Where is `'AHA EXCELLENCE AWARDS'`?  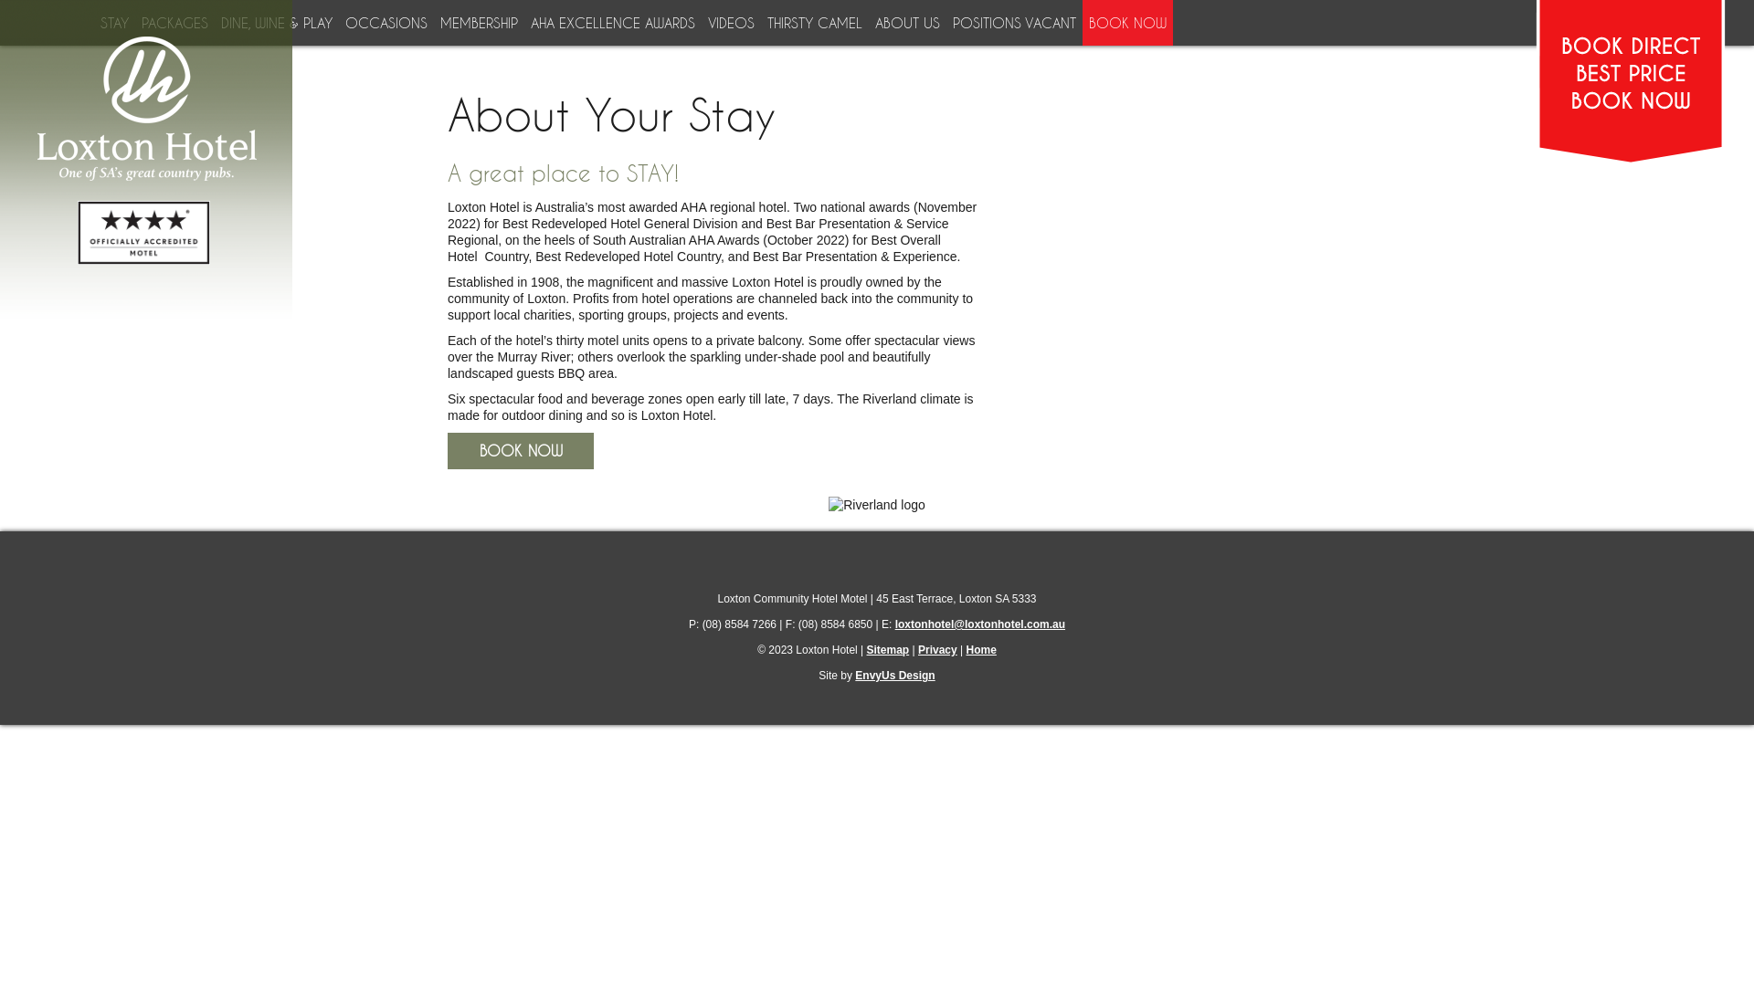 'AHA EXCELLENCE AWARDS' is located at coordinates (609, 22).